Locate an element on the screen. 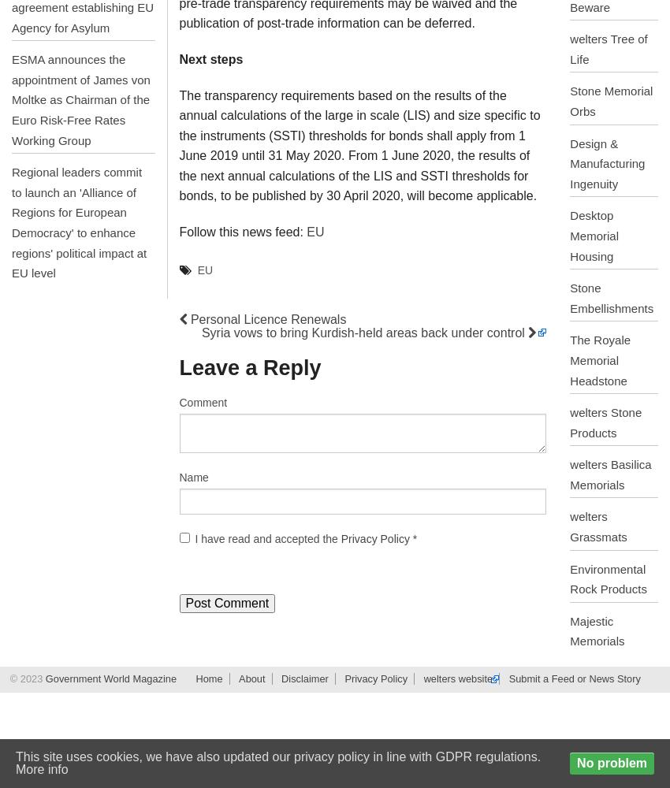 The image size is (670, 788). 'About' is located at coordinates (251, 678).